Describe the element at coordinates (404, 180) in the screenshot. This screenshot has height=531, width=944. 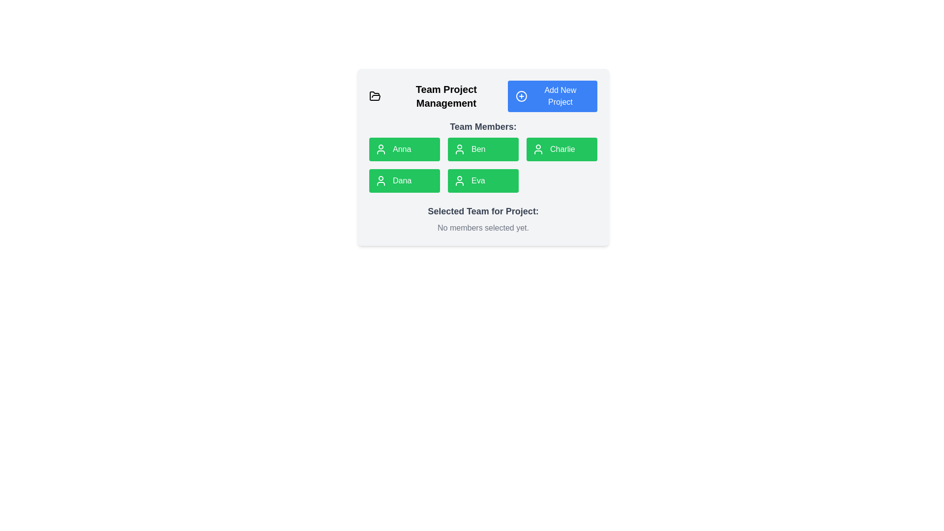
I see `the button representing team member 'Dana'` at that location.